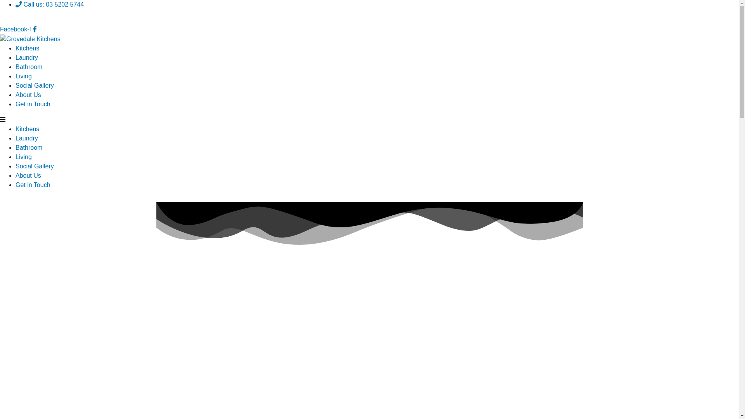 The width and height of the screenshot is (745, 419). Describe the element at coordinates (49, 4) in the screenshot. I see `'Call us: 03 5202 5744'` at that location.